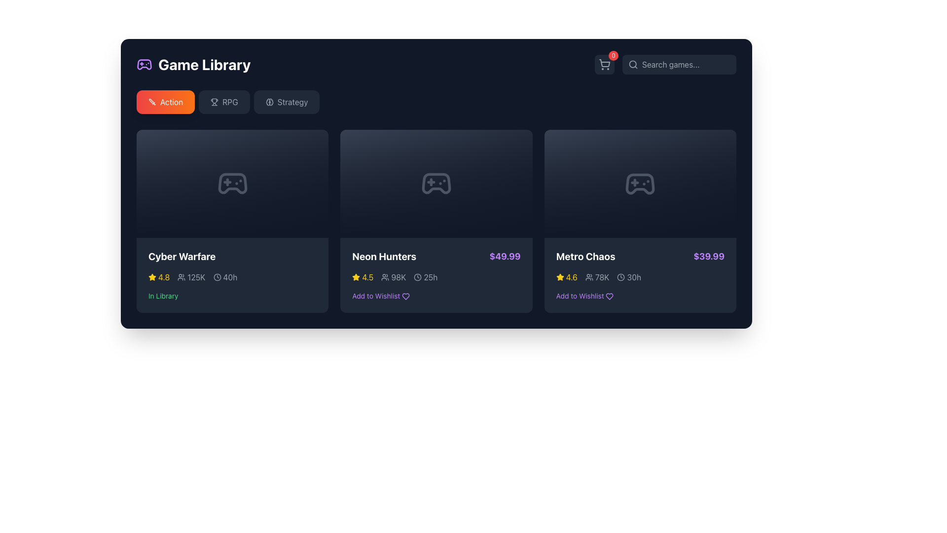 The height and width of the screenshot is (533, 947). I want to click on the 'RPG' button, which is displayed in bold gray text on a dark background, so click(229, 102).